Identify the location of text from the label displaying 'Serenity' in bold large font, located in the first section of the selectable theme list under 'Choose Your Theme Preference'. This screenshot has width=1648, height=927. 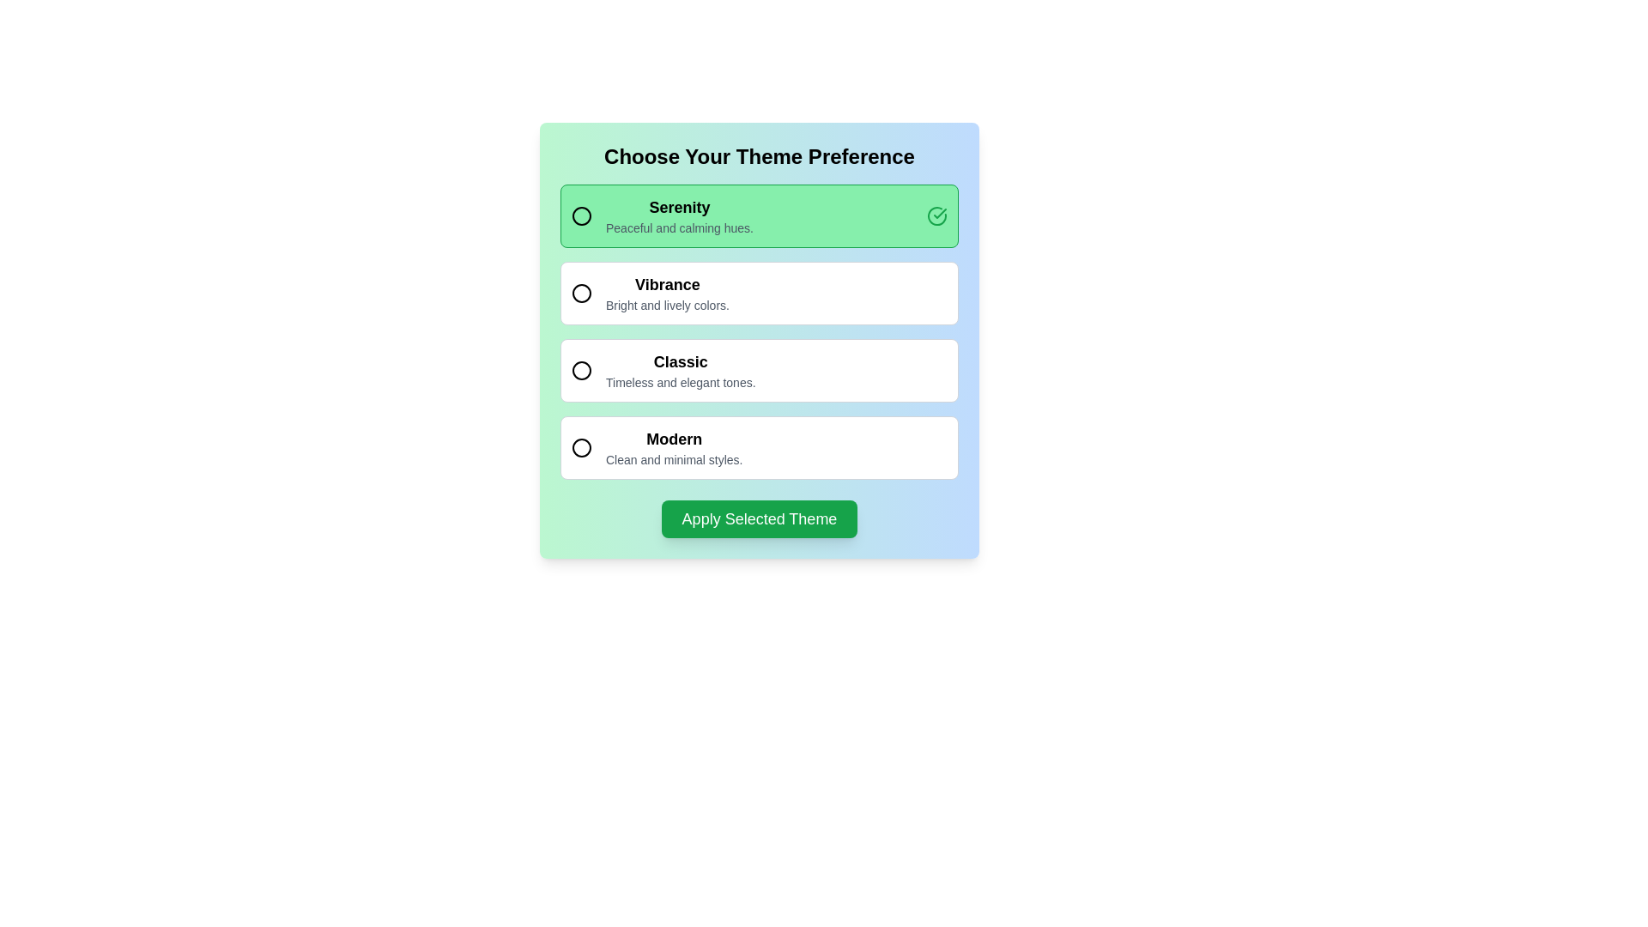
(662, 215).